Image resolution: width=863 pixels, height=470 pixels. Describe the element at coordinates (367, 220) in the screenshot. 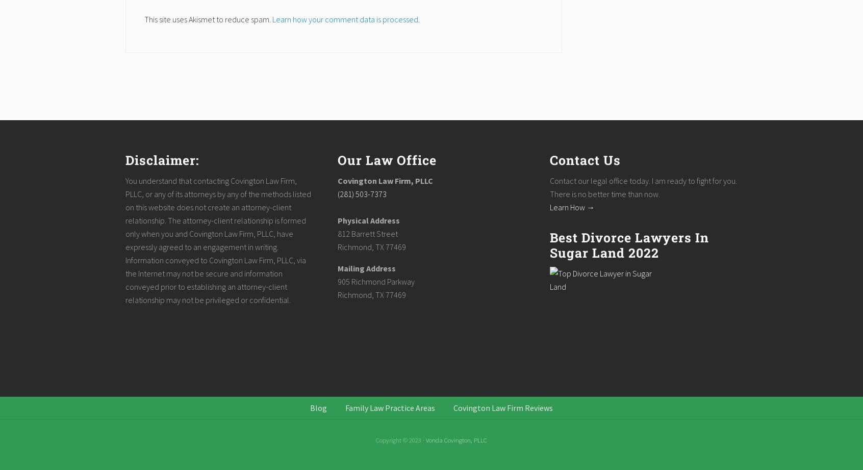

I see `'Physical Address'` at that location.